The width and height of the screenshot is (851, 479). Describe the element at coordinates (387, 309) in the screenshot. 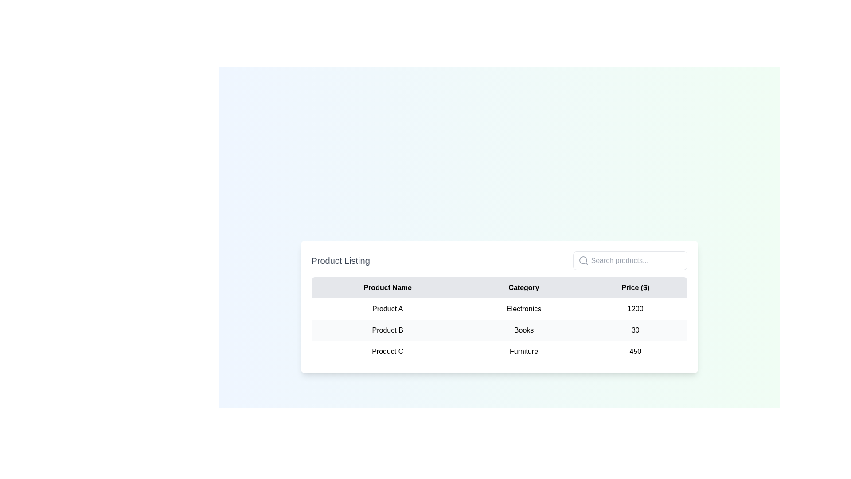

I see `the text label reading 'Product A' in the first column of the second row of the product listing table` at that location.